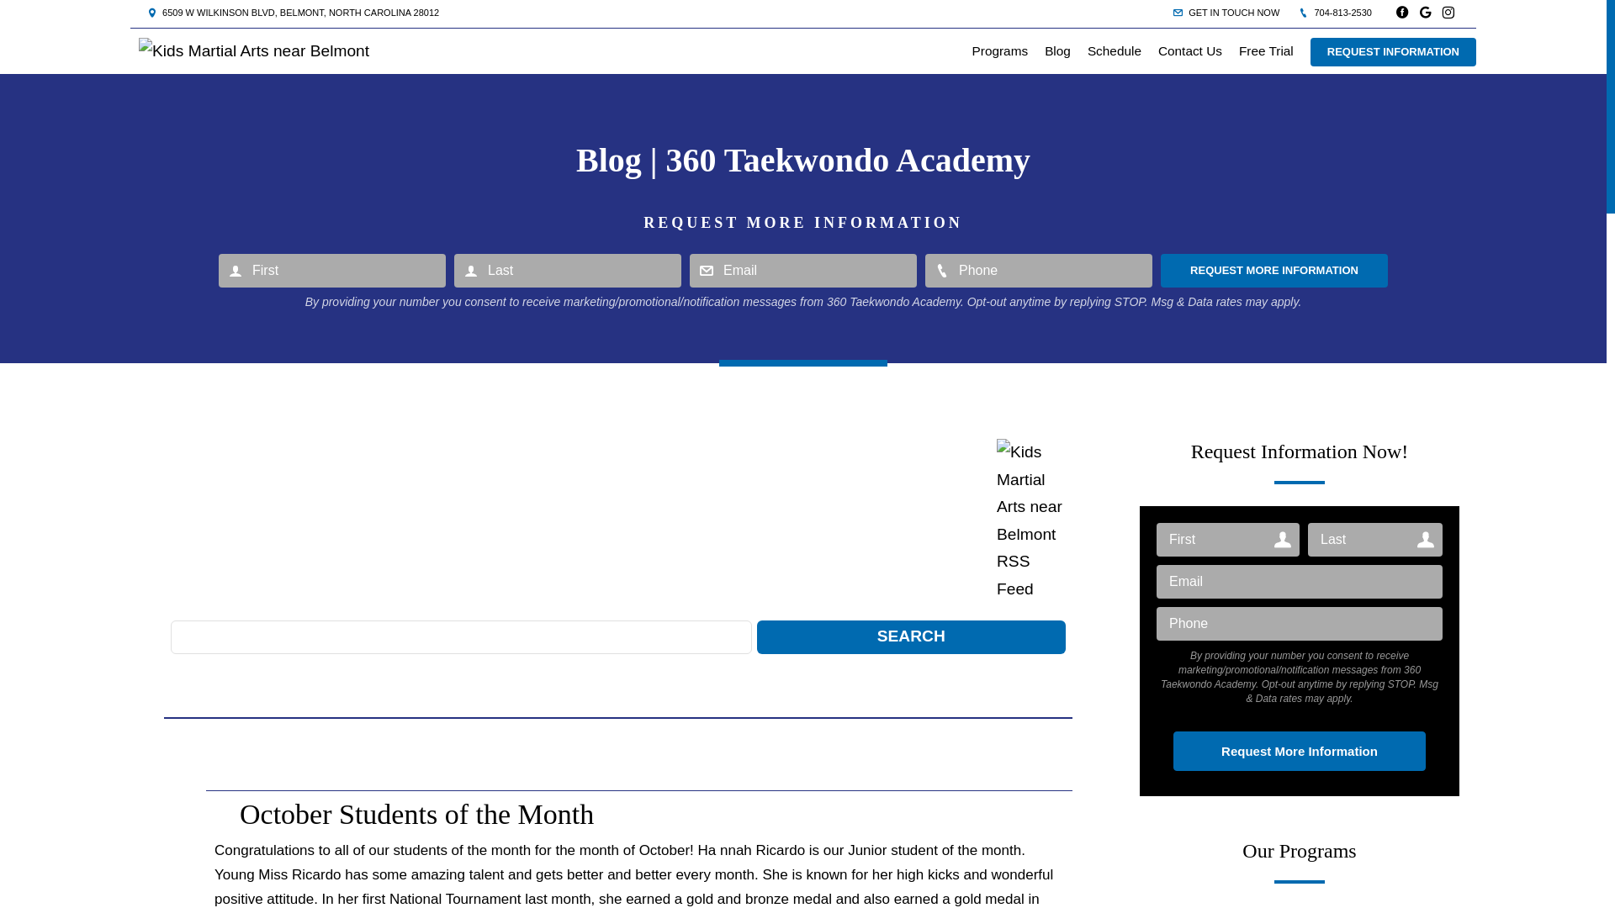 The width and height of the screenshot is (1615, 908). I want to click on 'GET IN TOUCH NOW', so click(1173, 13).